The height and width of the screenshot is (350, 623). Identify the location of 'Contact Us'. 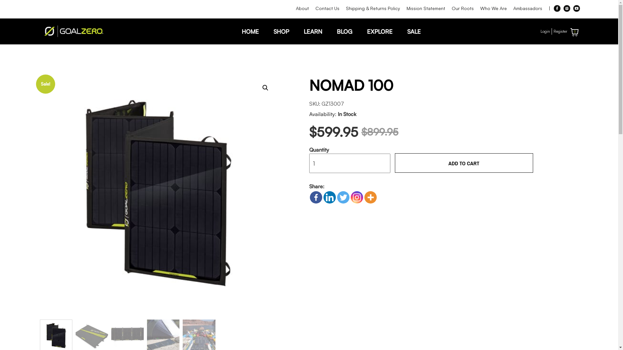
(327, 8).